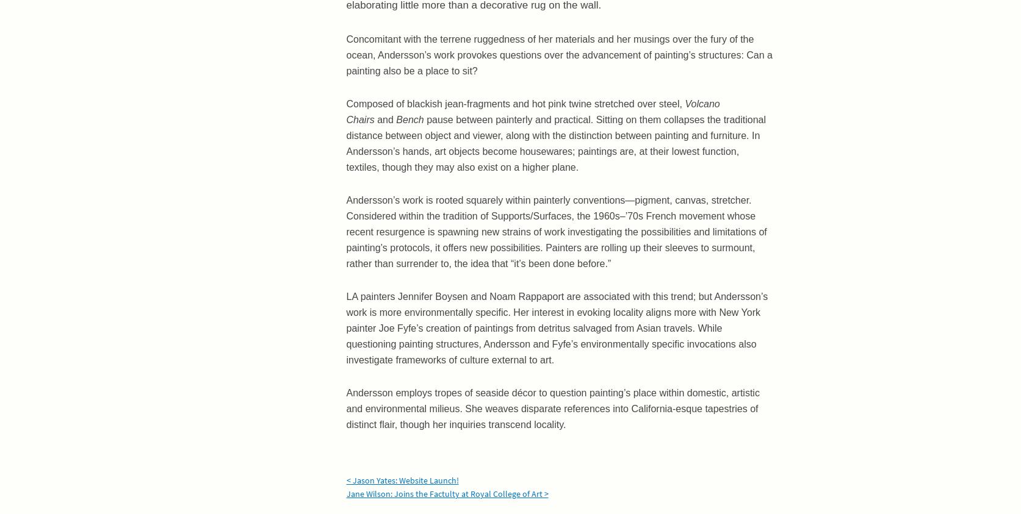 This screenshot has height=514, width=1021. Describe the element at coordinates (555, 143) in the screenshot. I see `'pause between painterly and practical. Sitting on them collapses the traditional distance between object and viewer, along with the distinction between painting and furniture. In Andersson’s hands, art objects become housewares; paintings are, at their lowest function, textiles, though they may also exist on a higher plane.'` at that location.